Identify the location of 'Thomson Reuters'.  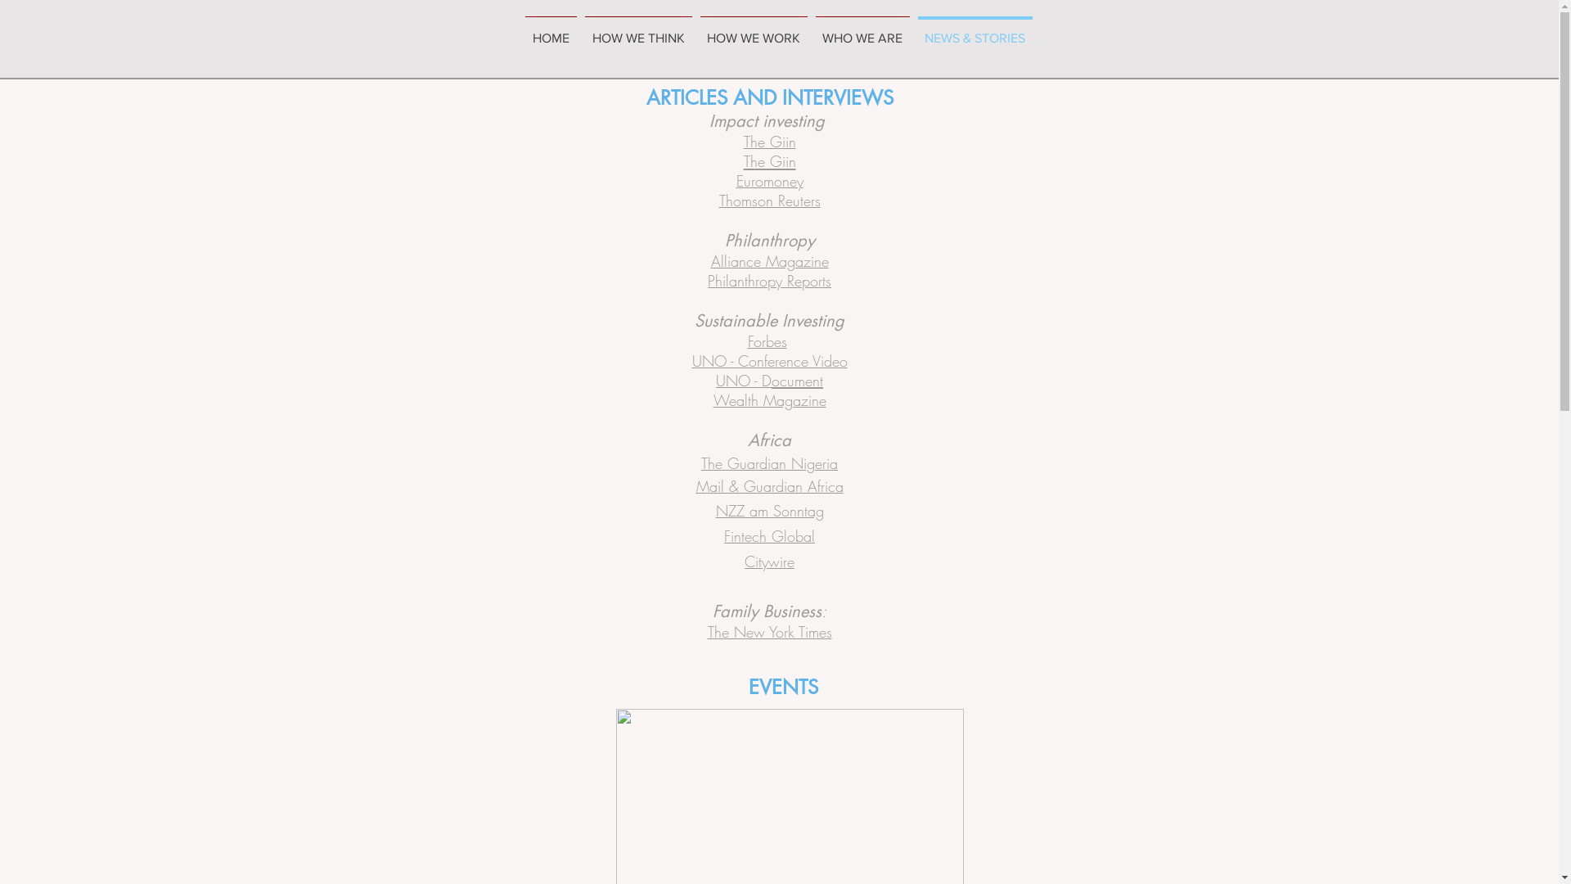
(768, 199).